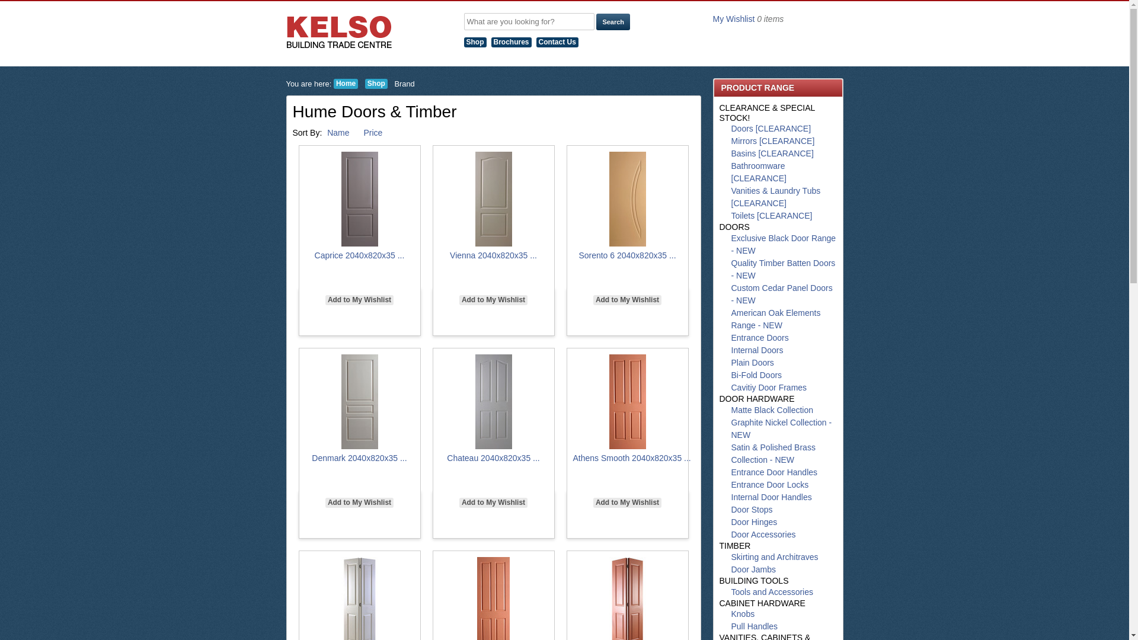  I want to click on 'Entrance Door Handles', so click(774, 472).